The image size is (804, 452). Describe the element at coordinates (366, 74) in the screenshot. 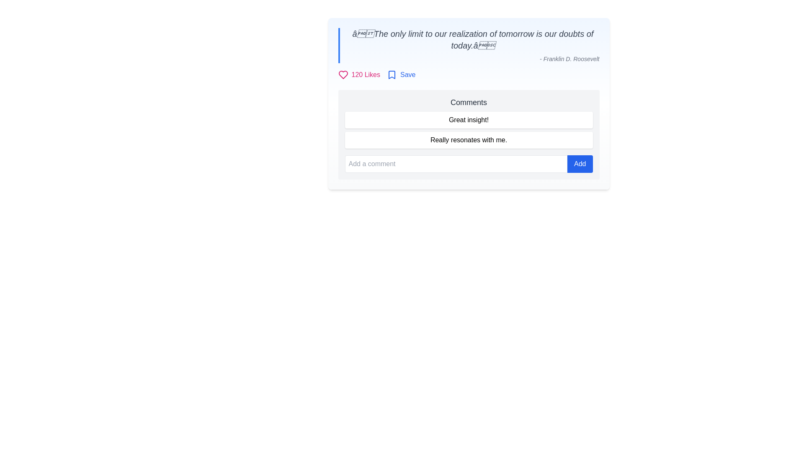

I see `the text display showing '120 Likes' styled in pink, which is adjacent to the heart icon indicating a like action` at that location.